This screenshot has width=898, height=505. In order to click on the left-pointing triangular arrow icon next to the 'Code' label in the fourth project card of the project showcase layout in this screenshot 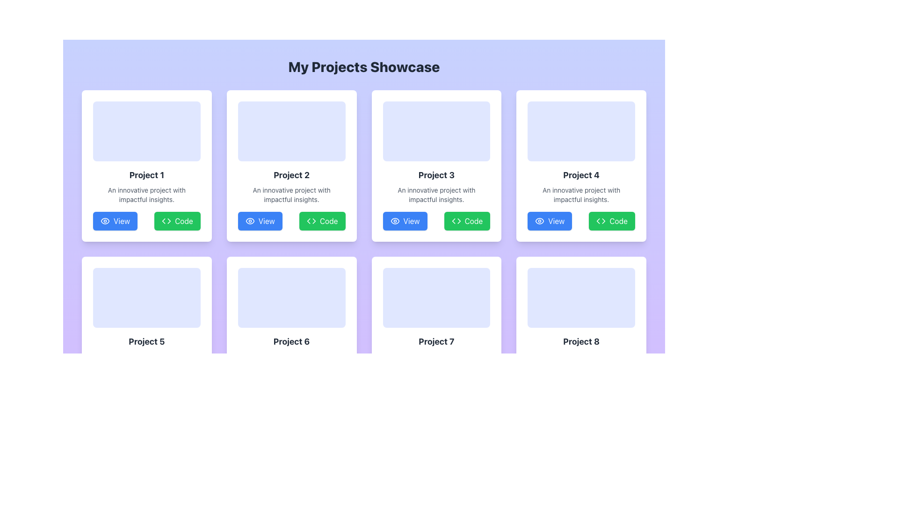, I will do `click(604, 221)`.